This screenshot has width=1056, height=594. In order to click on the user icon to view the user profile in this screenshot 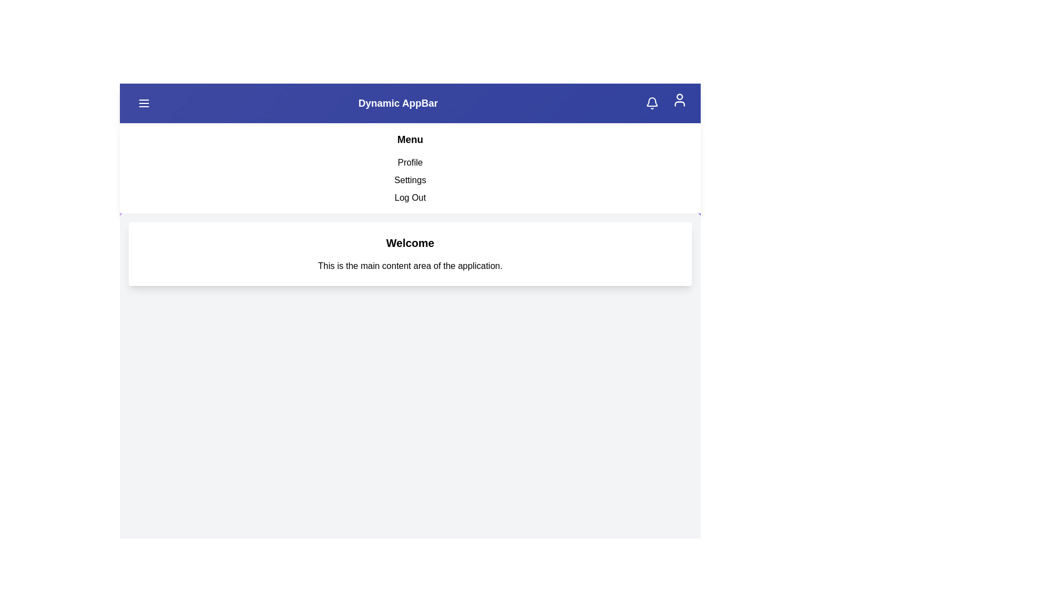, I will do `click(679, 100)`.